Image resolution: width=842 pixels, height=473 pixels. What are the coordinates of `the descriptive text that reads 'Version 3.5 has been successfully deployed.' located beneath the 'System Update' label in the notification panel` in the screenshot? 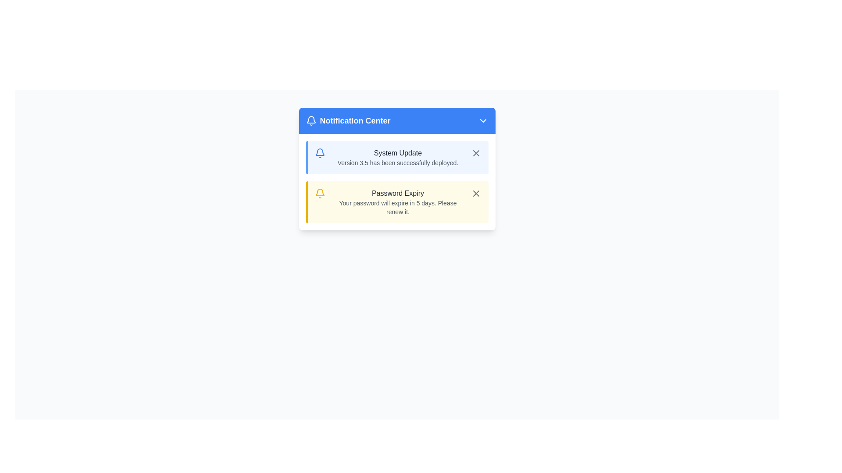 It's located at (397, 162).